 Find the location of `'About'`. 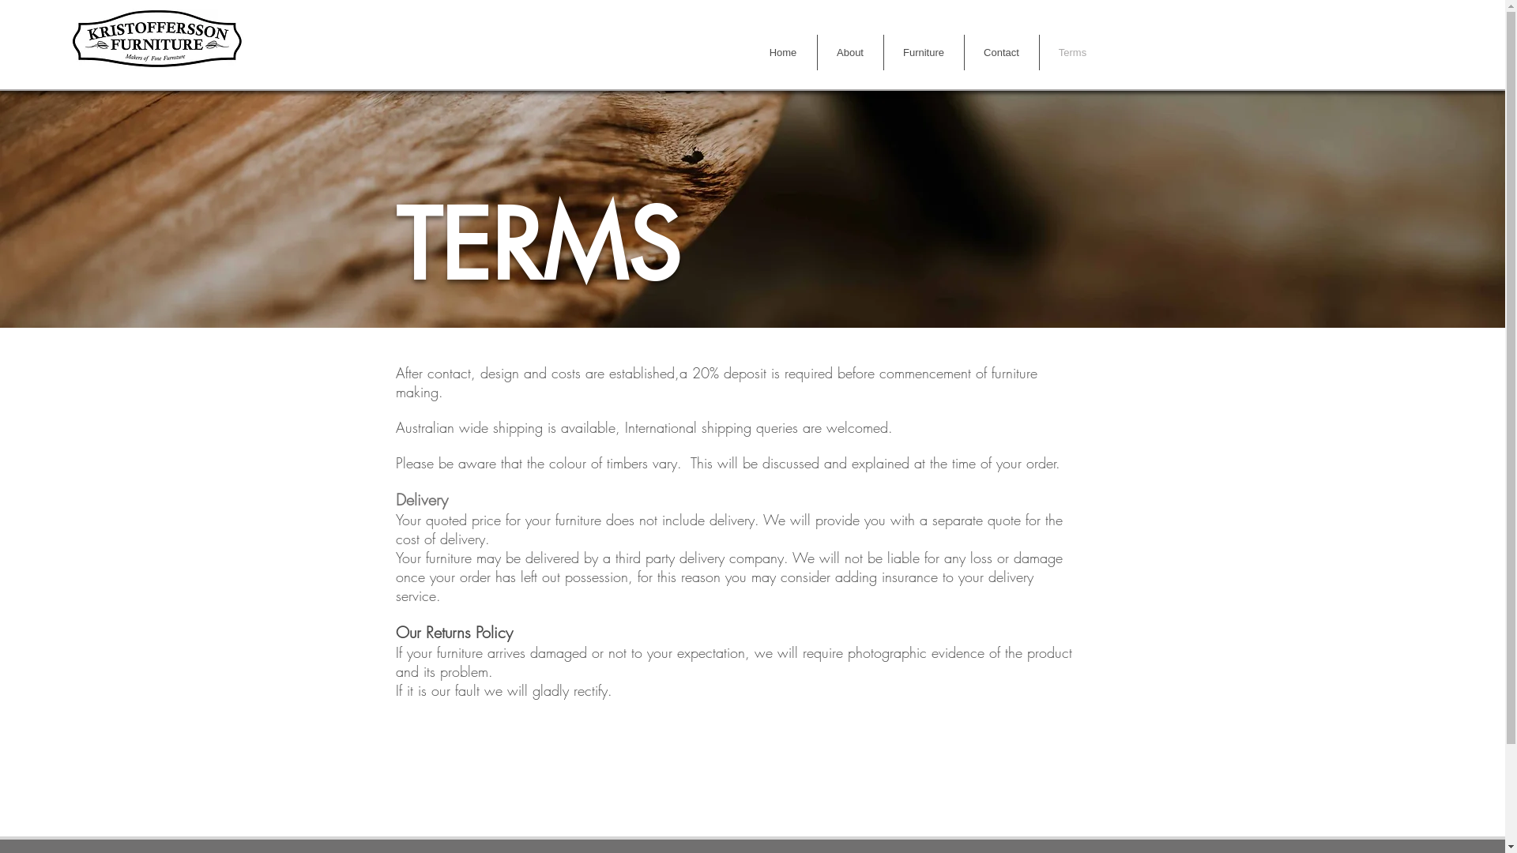

'About' is located at coordinates (849, 51).